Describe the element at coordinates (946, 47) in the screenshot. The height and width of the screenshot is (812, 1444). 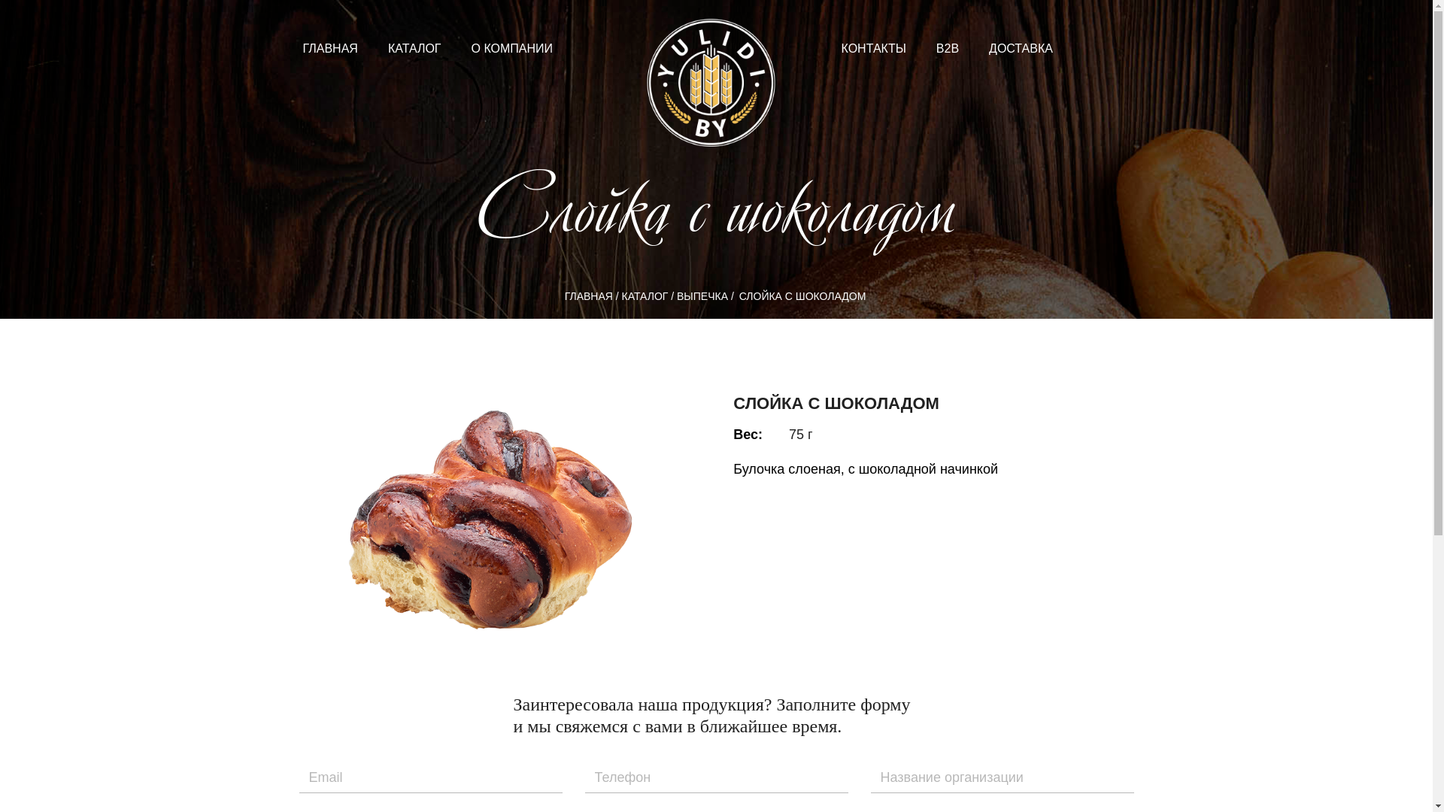
I see `'B2B'` at that location.